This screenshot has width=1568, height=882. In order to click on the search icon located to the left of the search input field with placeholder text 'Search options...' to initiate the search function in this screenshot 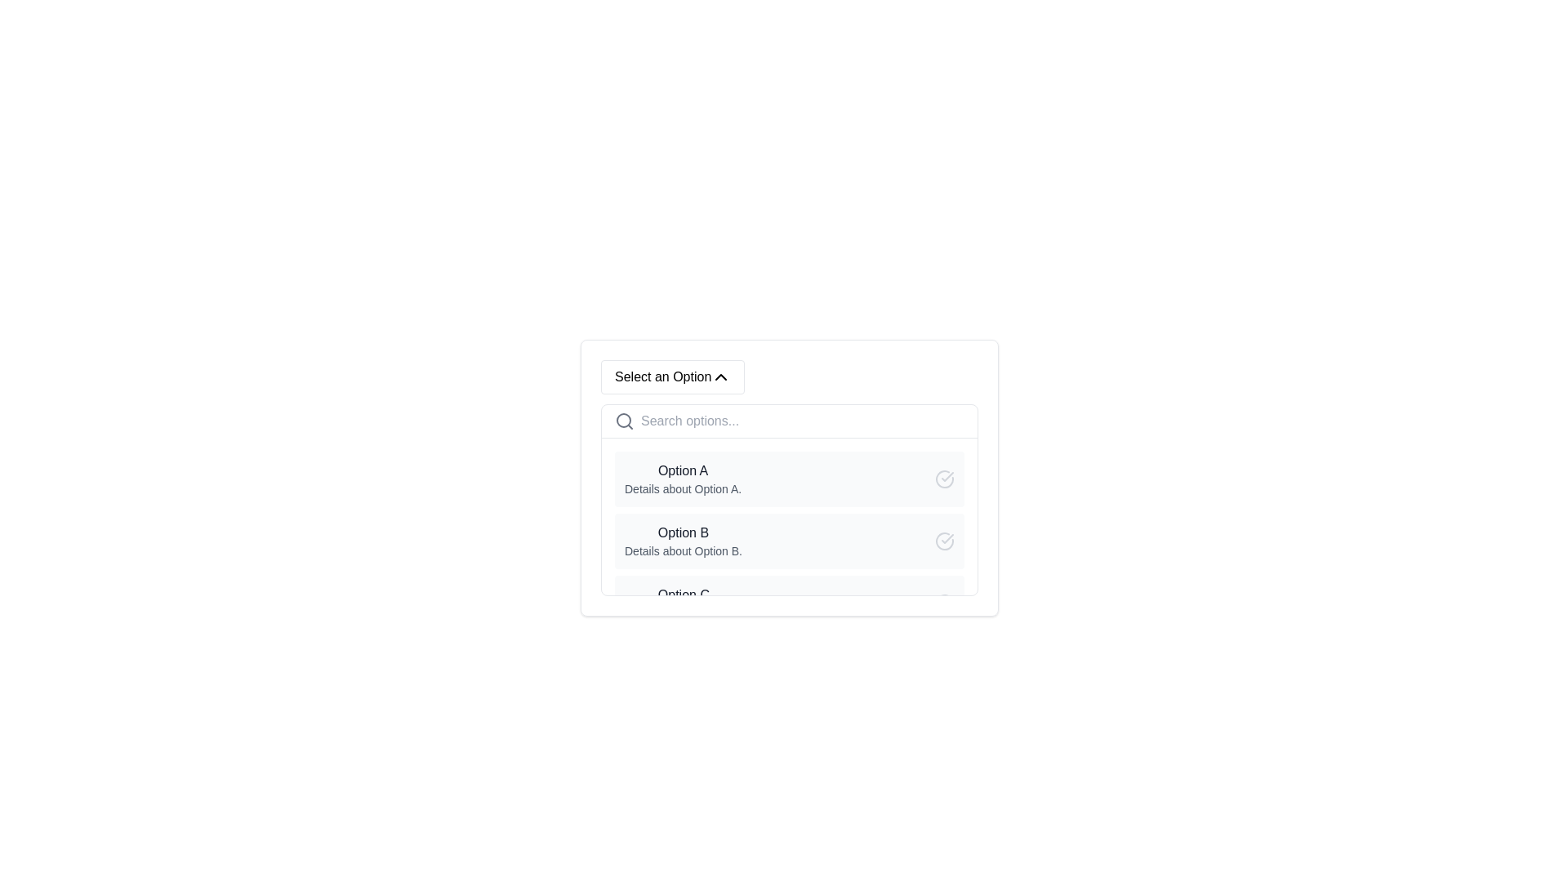, I will do `click(623, 421)`.